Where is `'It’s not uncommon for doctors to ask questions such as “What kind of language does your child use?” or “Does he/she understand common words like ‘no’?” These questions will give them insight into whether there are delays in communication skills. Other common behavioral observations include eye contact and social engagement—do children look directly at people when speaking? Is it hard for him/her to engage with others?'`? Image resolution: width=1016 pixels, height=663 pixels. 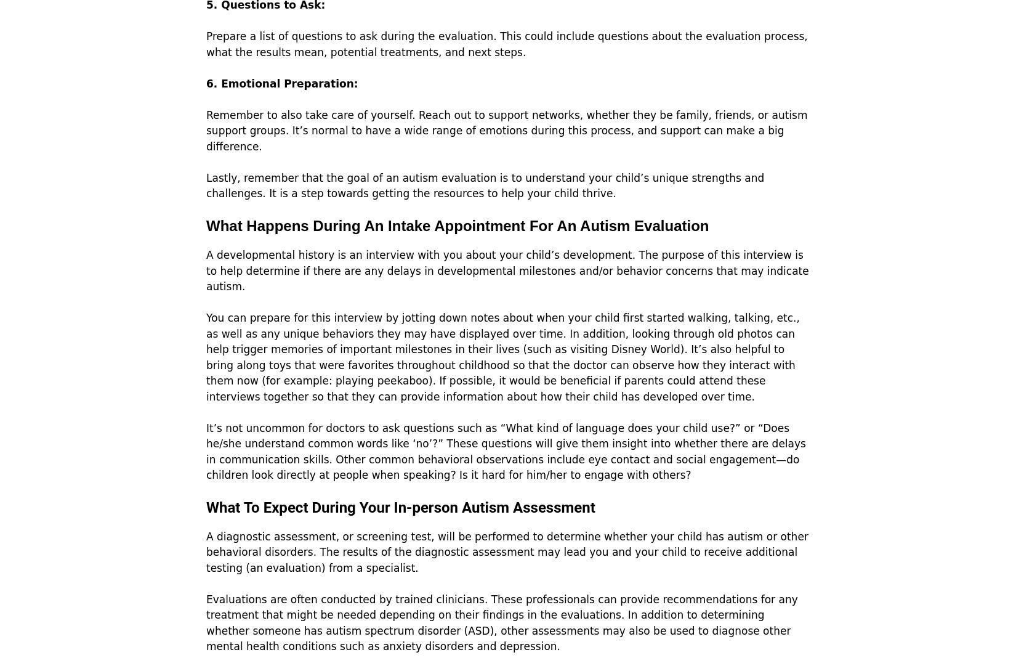 'It’s not uncommon for doctors to ask questions such as “What kind of language does your child use?” or “Does he/she understand common words like ‘no’?” These questions will give them insight into whether there are delays in communication skills. Other common behavioral observations include eye contact and social engagement—do children look directly at people when speaking? Is it hard for him/her to engage with others?' is located at coordinates (206, 450).